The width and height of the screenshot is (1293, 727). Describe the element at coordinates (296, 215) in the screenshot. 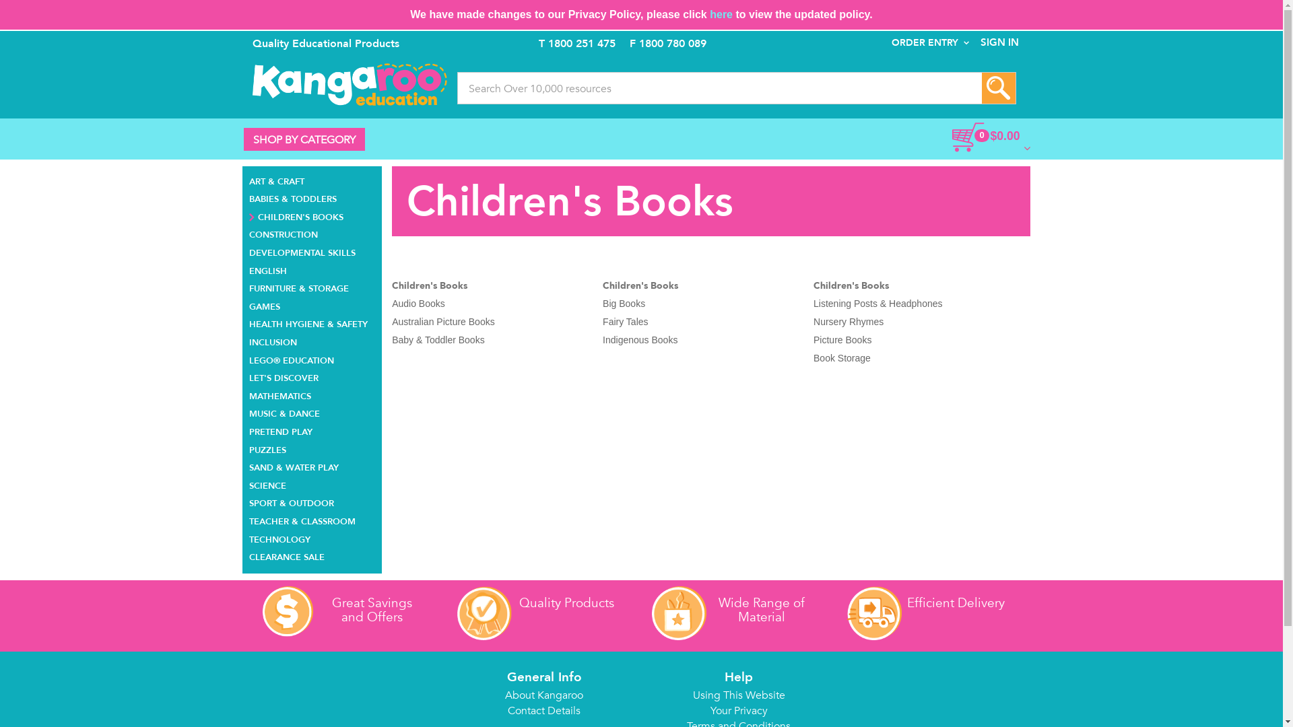

I see `'CHILDREN'S BOOKS'` at that location.